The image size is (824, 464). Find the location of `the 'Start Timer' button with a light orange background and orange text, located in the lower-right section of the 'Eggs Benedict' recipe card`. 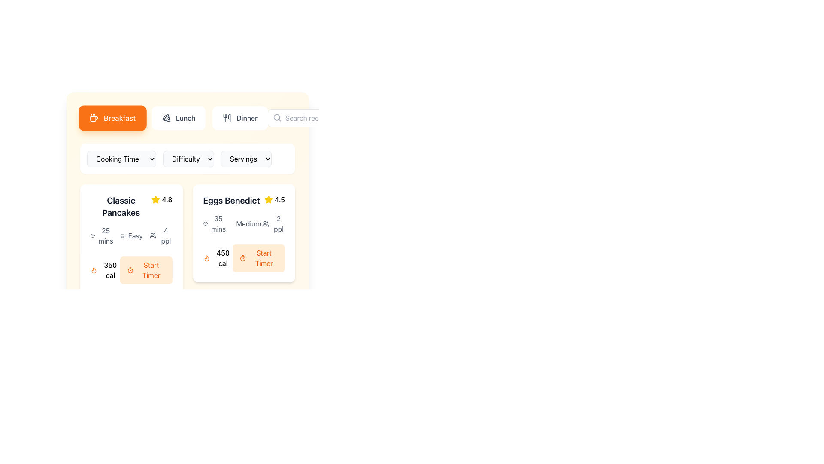

the 'Start Timer' button with a light orange background and orange text, located in the lower-right section of the 'Eggs Benedict' recipe card is located at coordinates (258, 258).